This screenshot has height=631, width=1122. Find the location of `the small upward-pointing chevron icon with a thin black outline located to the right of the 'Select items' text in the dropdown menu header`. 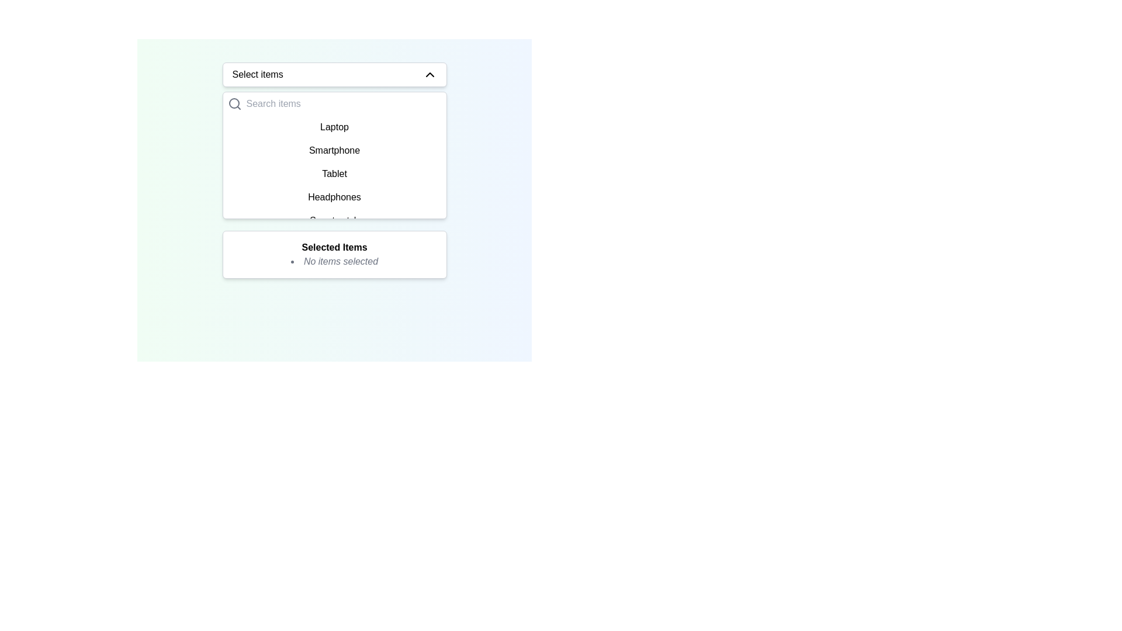

the small upward-pointing chevron icon with a thin black outline located to the right of the 'Select items' text in the dropdown menu header is located at coordinates (429, 74).